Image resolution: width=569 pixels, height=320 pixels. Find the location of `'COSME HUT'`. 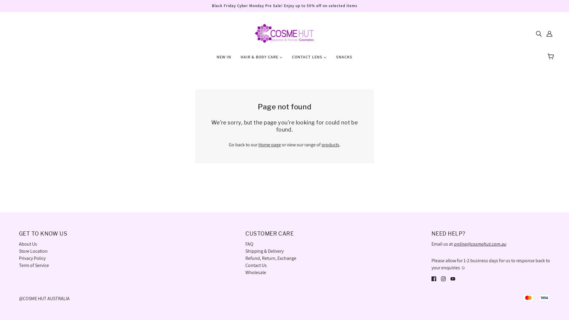

'COSME HUT' is located at coordinates (284, 33).